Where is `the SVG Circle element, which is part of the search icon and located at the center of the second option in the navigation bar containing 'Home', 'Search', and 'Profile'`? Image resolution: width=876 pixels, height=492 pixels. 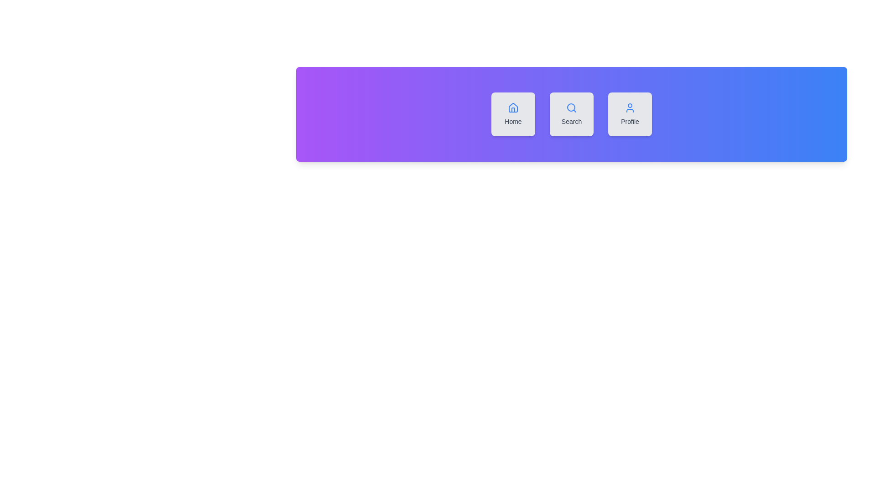
the SVG Circle element, which is part of the search icon and located at the center of the second option in the navigation bar containing 'Home', 'Search', and 'Profile' is located at coordinates (571, 107).